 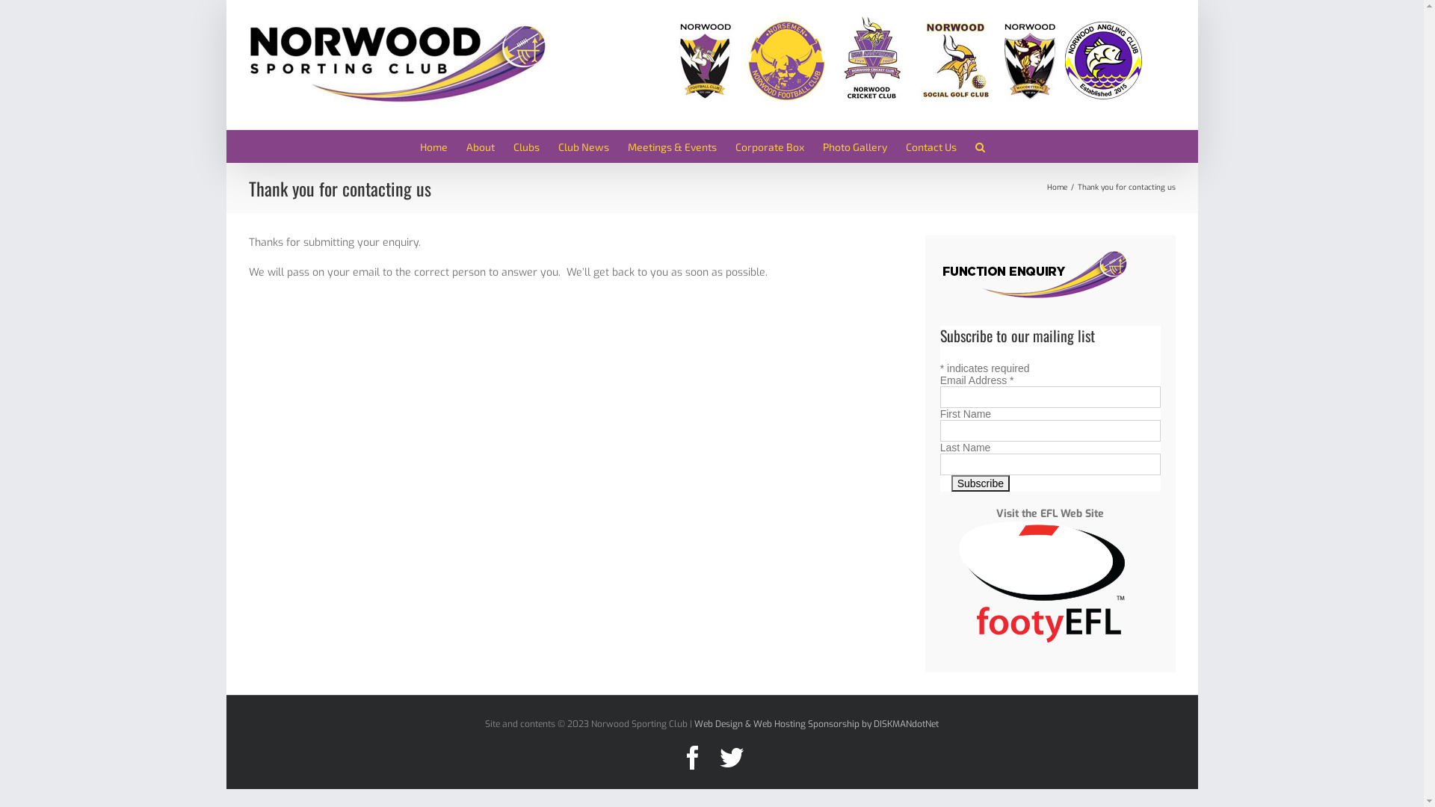 I want to click on 'Home', so click(x=433, y=146).